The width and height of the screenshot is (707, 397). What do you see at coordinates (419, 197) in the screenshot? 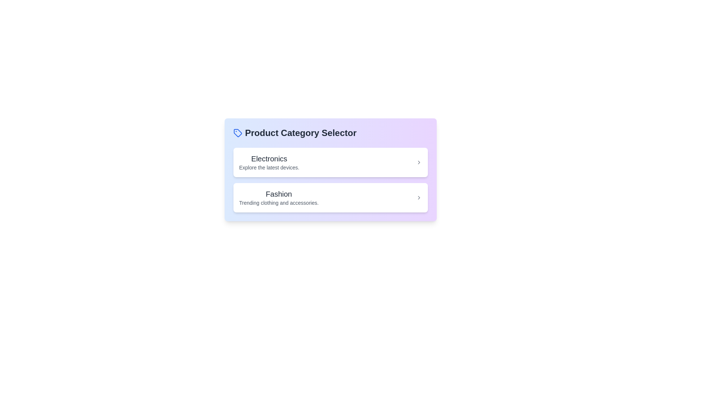
I see `the right-facing chevron icon button for navigation located at the far right of the 'Fashion Trending clothing and accessories' card for additional visual feedback` at bounding box center [419, 197].